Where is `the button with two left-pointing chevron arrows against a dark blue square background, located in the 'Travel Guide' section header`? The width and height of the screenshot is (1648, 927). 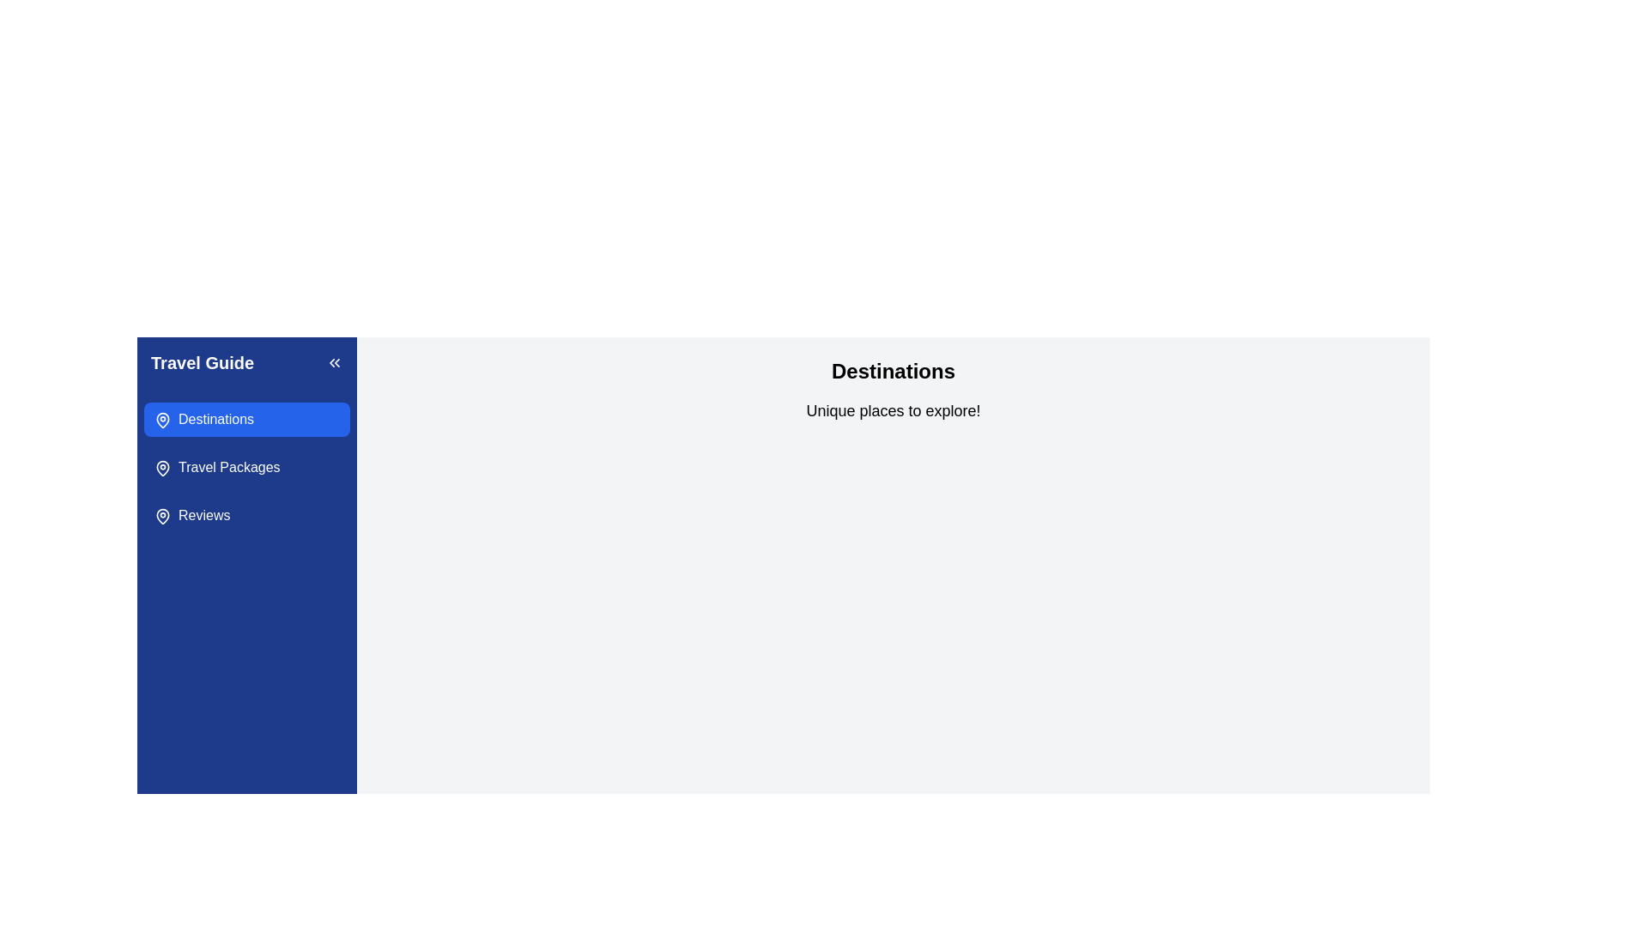 the button with two left-pointing chevron arrows against a dark blue square background, located in the 'Travel Guide' section header is located at coordinates (334, 362).